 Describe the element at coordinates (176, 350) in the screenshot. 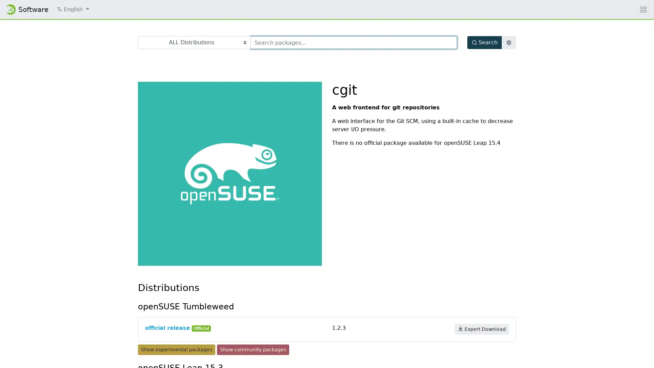

I see `Show experimental packages` at that location.